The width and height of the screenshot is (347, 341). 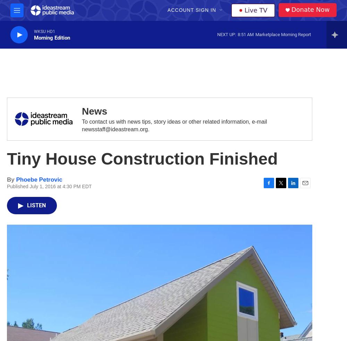 I want to click on 'Donate Now', so click(x=310, y=9).